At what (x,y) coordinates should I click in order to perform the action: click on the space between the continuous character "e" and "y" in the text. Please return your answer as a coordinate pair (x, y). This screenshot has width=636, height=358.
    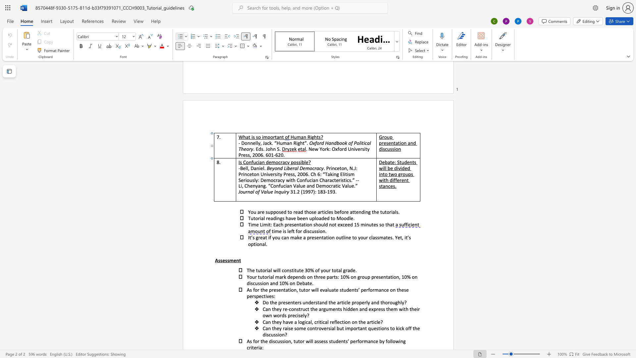
    Looking at the image, I should click on (279, 322).